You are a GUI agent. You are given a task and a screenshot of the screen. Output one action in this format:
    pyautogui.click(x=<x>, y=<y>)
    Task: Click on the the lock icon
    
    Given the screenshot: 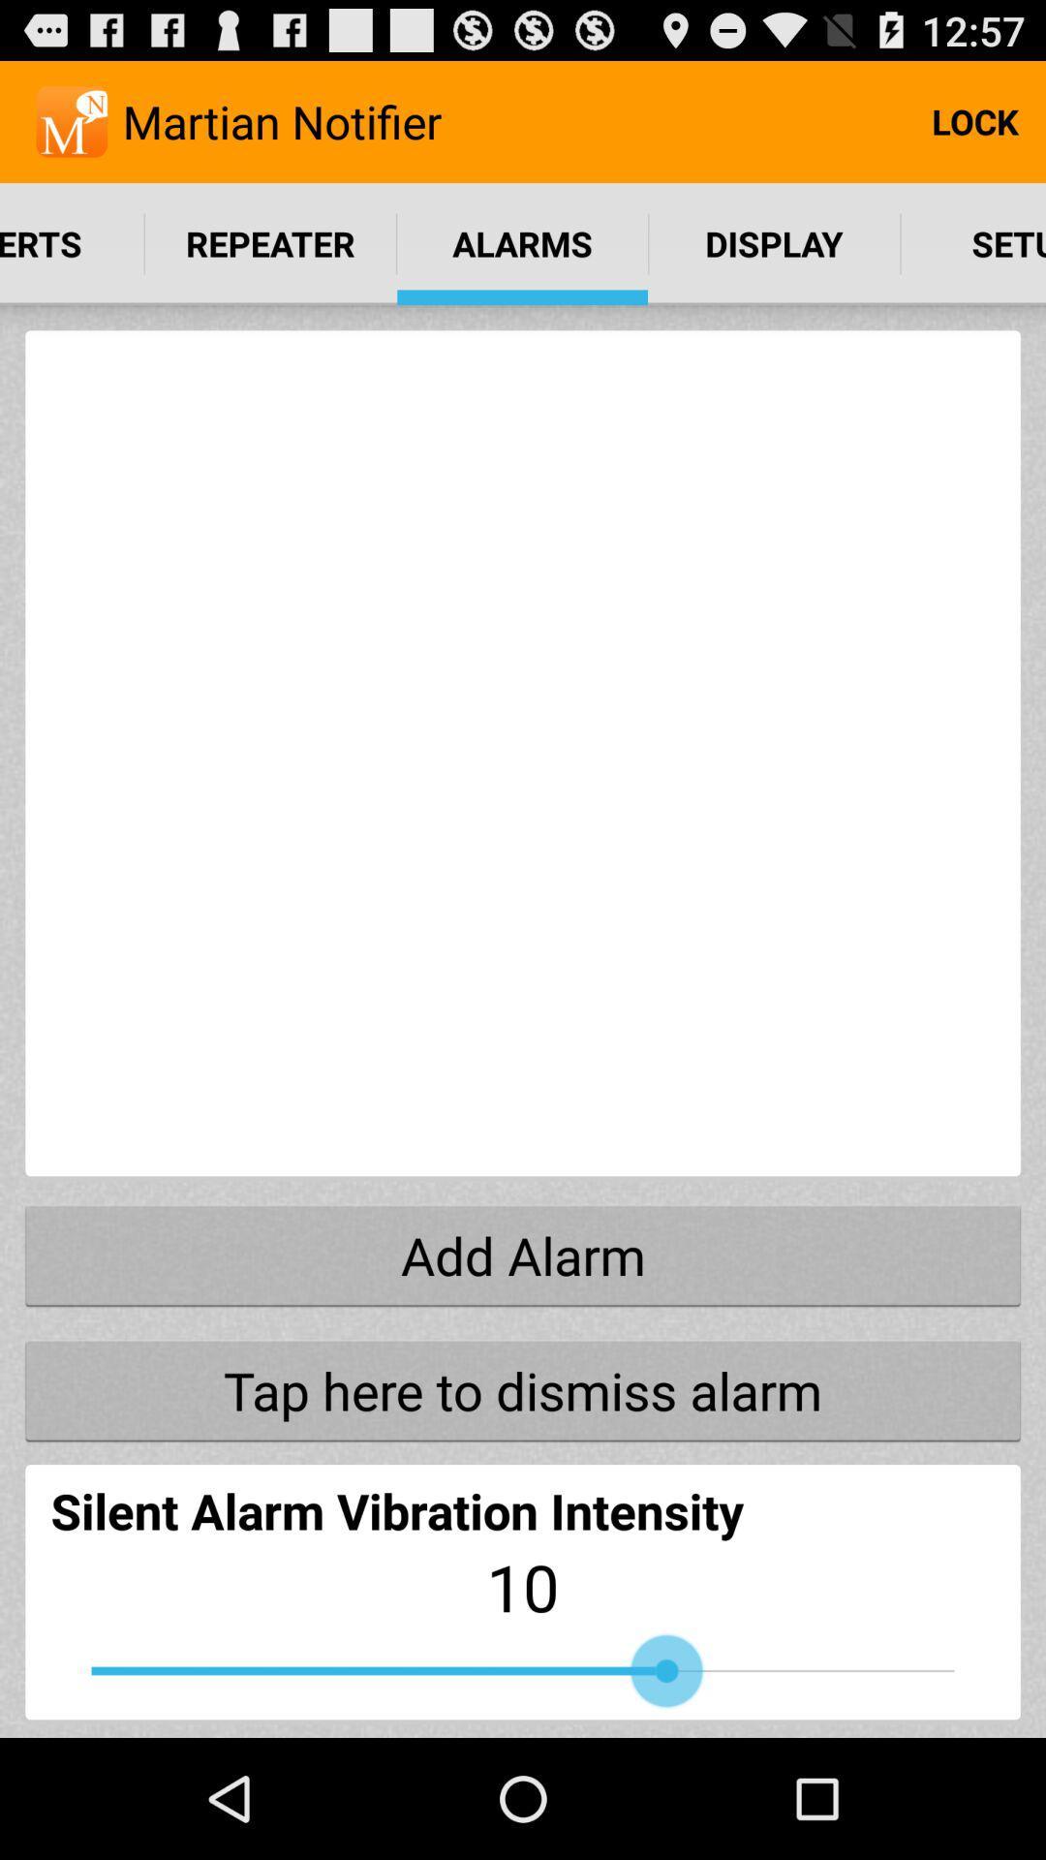 What is the action you would take?
    pyautogui.click(x=974, y=120)
    